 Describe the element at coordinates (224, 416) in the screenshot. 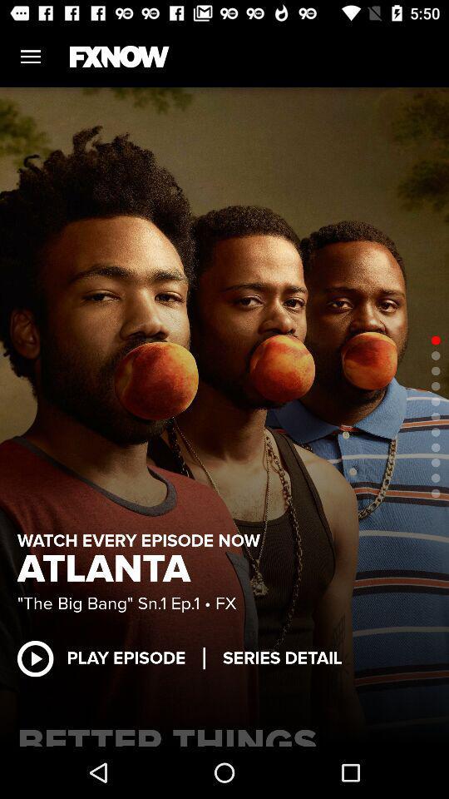

I see `item at the center` at that location.